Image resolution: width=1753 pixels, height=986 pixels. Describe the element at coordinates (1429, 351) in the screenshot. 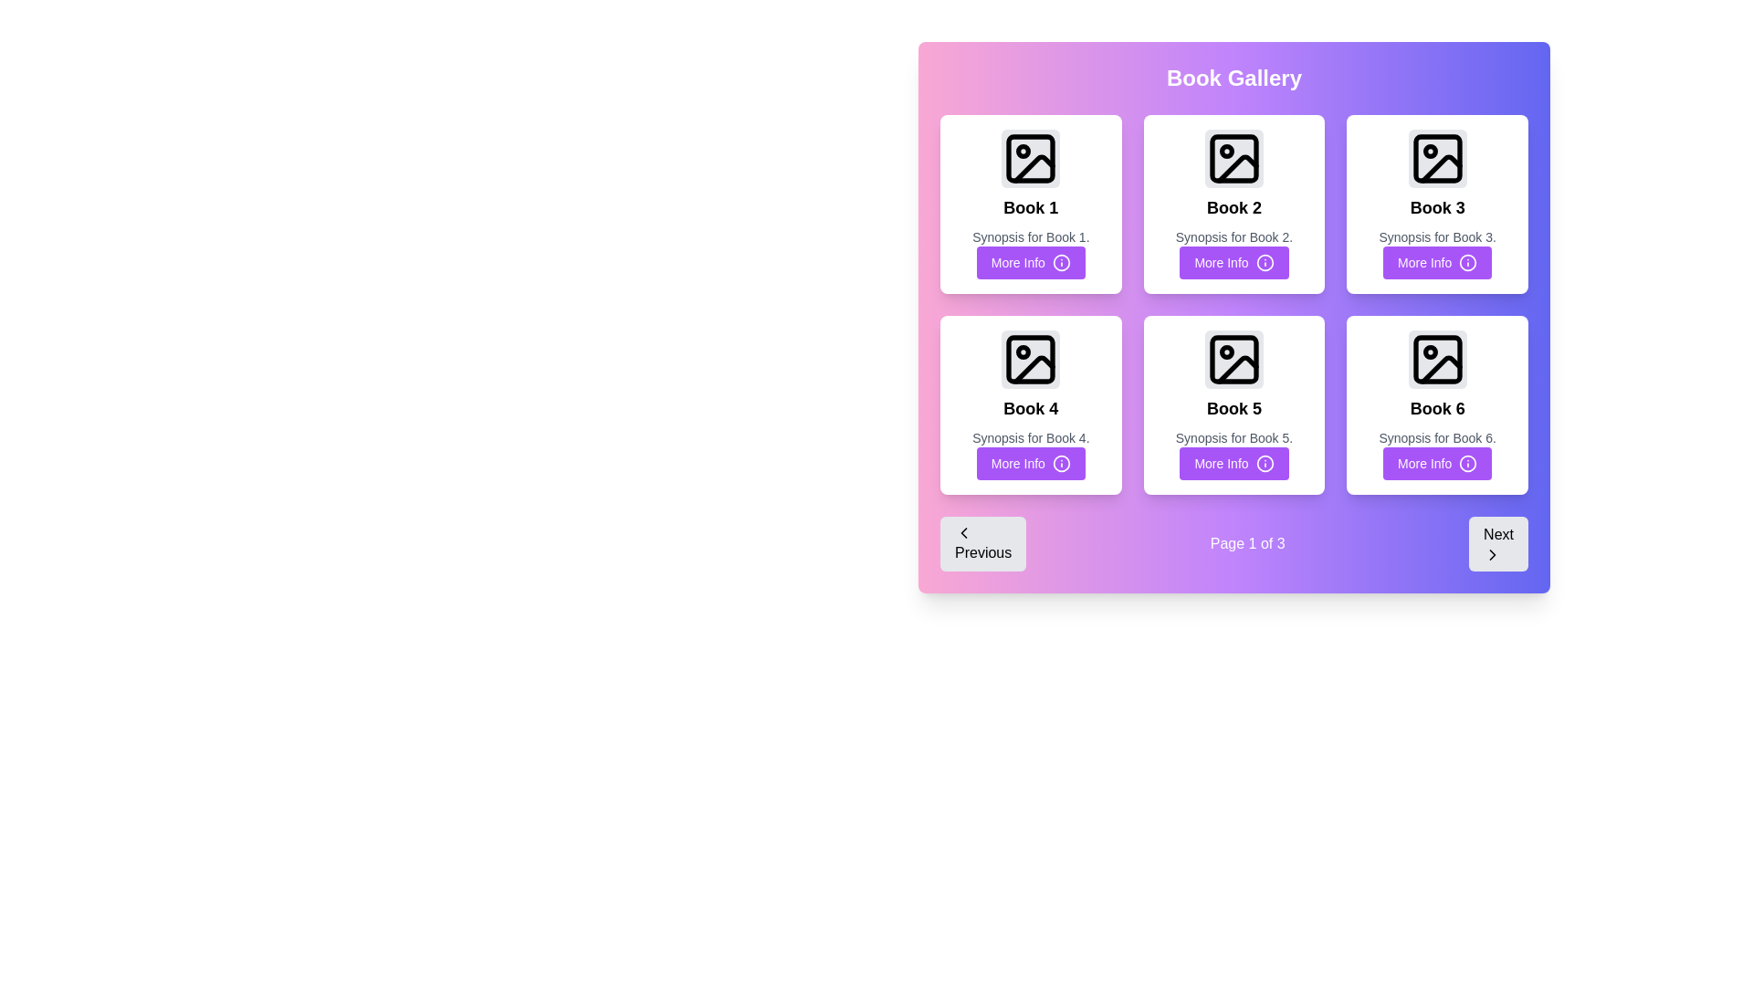

I see `the small circular shape (dot) inside the photo frame of the sixth book card in the gallery grid under the 'Book Gallery' section` at that location.